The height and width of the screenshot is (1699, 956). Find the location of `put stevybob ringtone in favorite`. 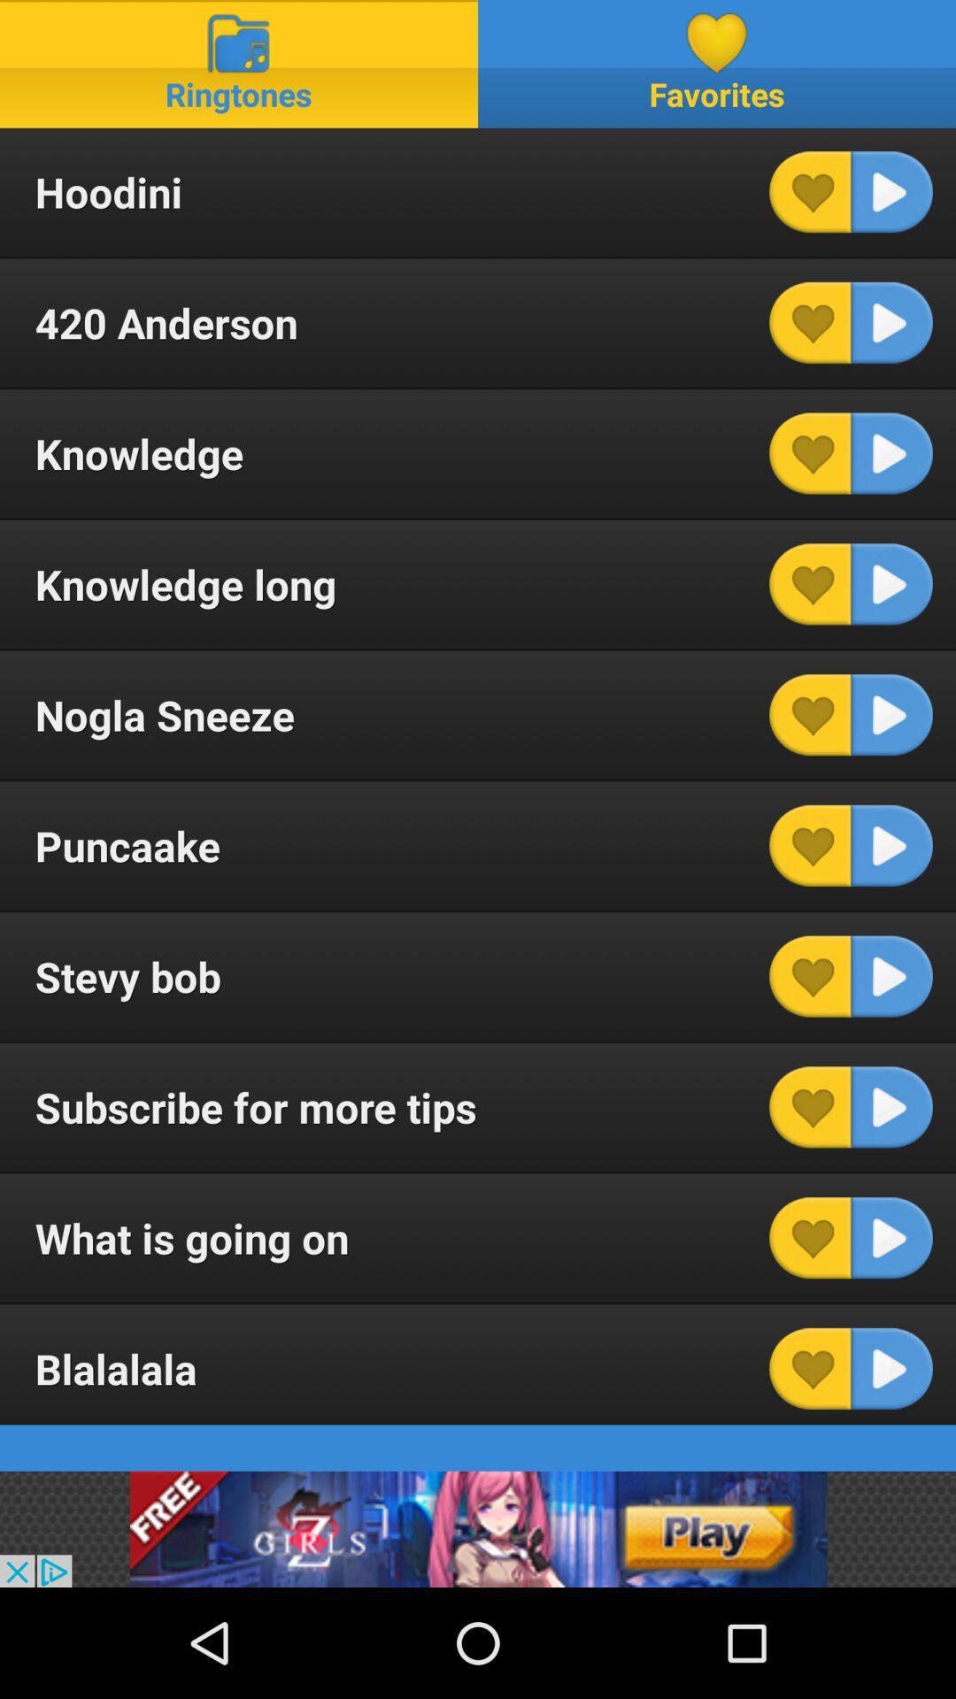

put stevybob ringtone in favorite is located at coordinates (810, 975).